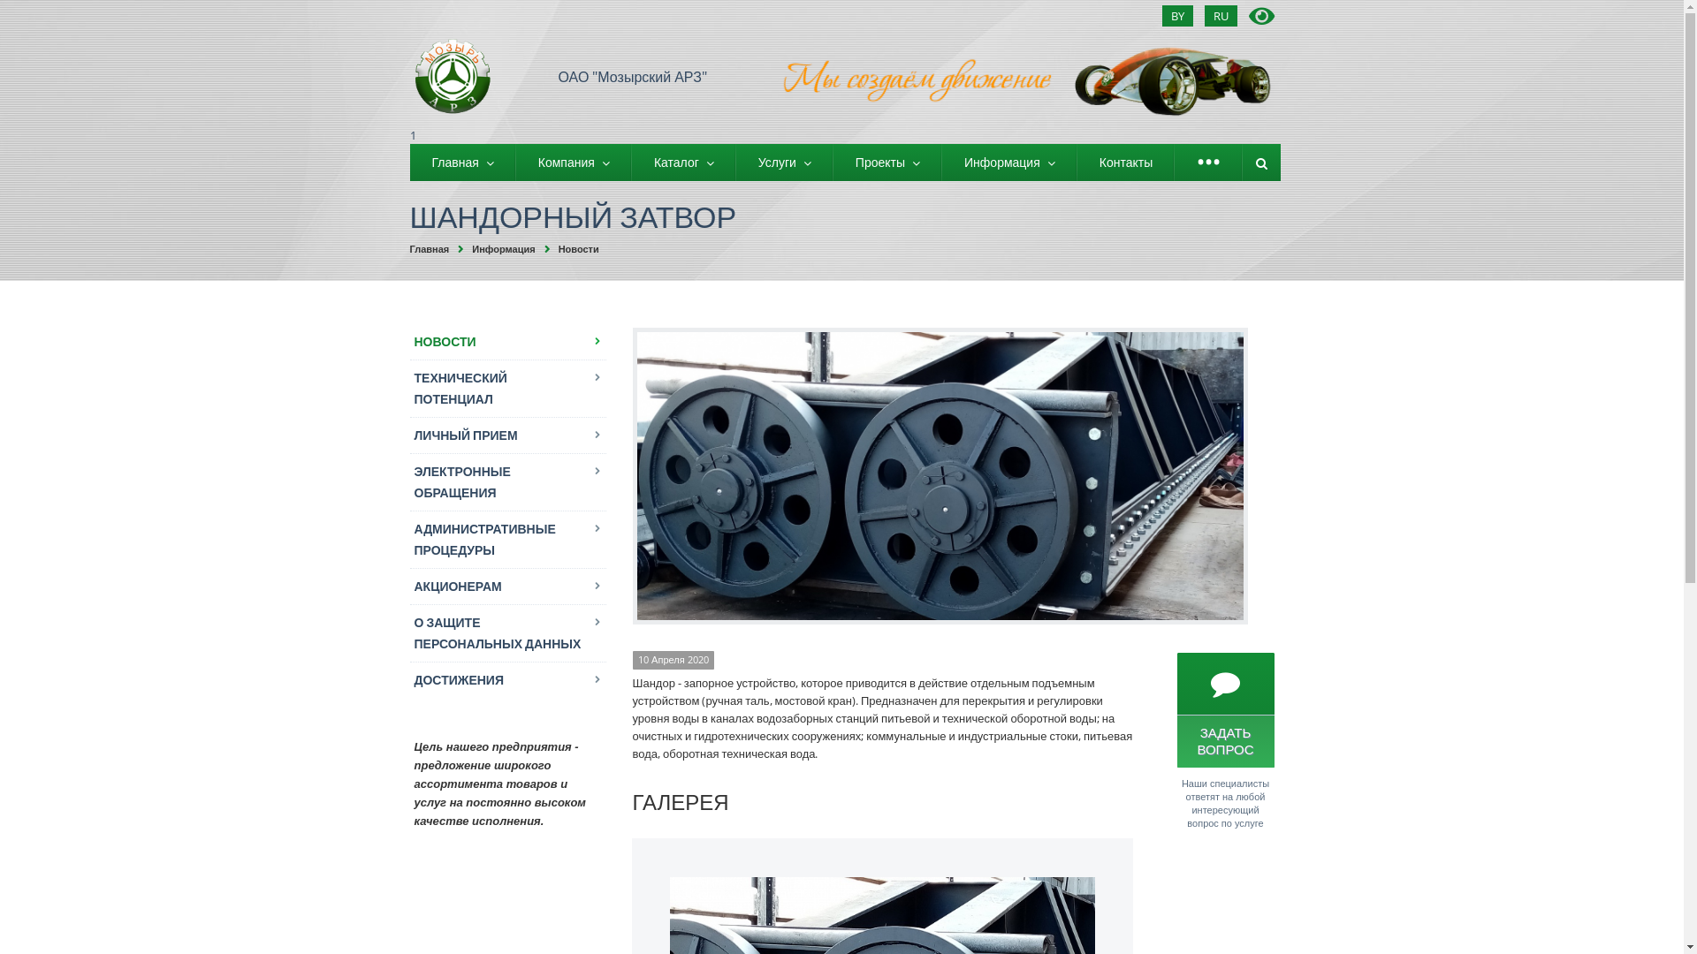  What do you see at coordinates (1219, 16) in the screenshot?
I see `'RU'` at bounding box center [1219, 16].